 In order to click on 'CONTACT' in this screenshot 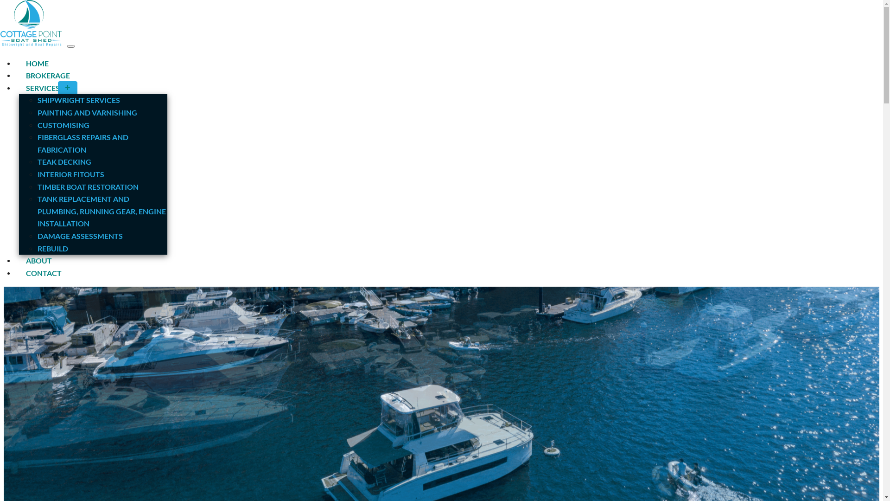, I will do `click(43, 272)`.